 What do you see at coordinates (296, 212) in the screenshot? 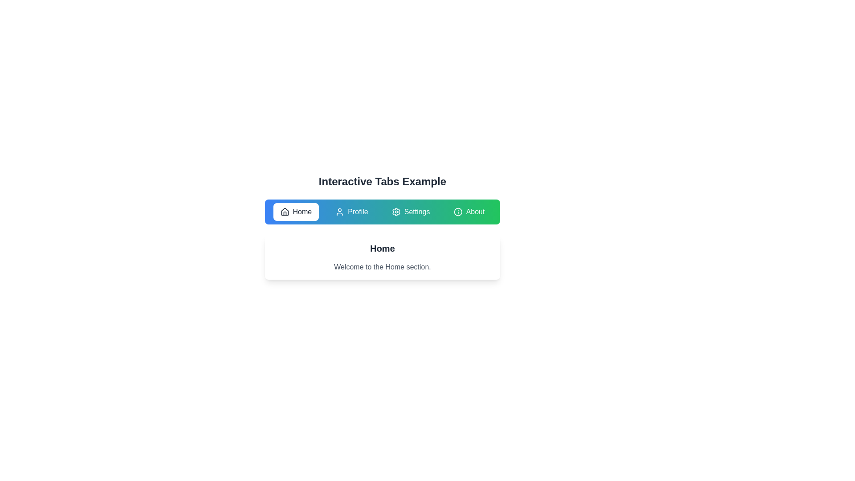
I see `the tab labeled Home to observe its hover effect` at bounding box center [296, 212].